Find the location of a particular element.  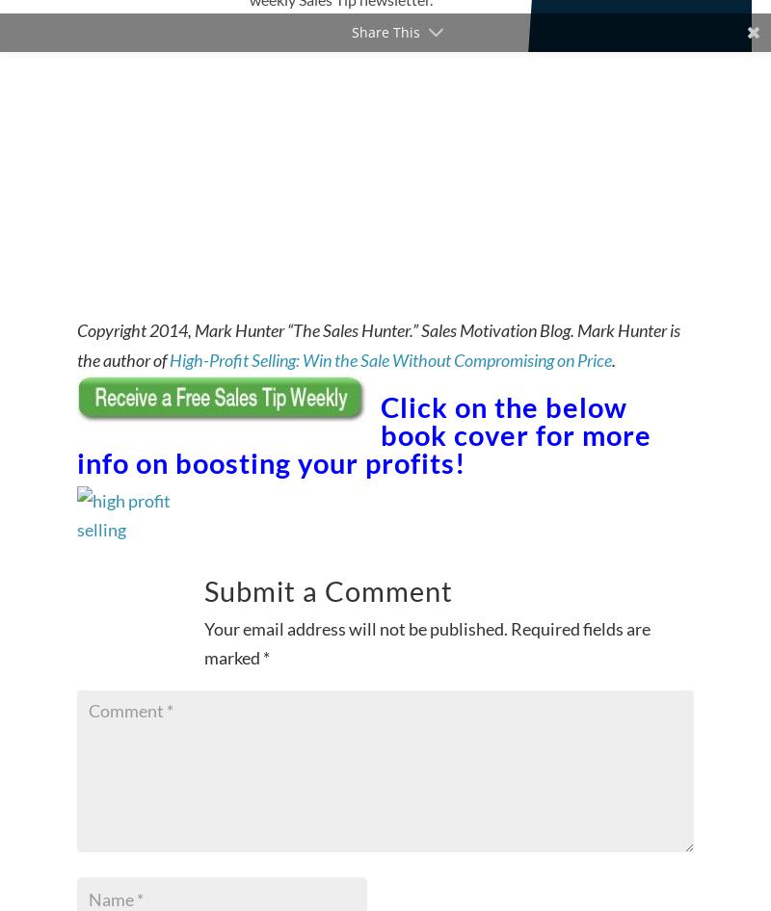

'Required fields are marked' is located at coordinates (426, 642).